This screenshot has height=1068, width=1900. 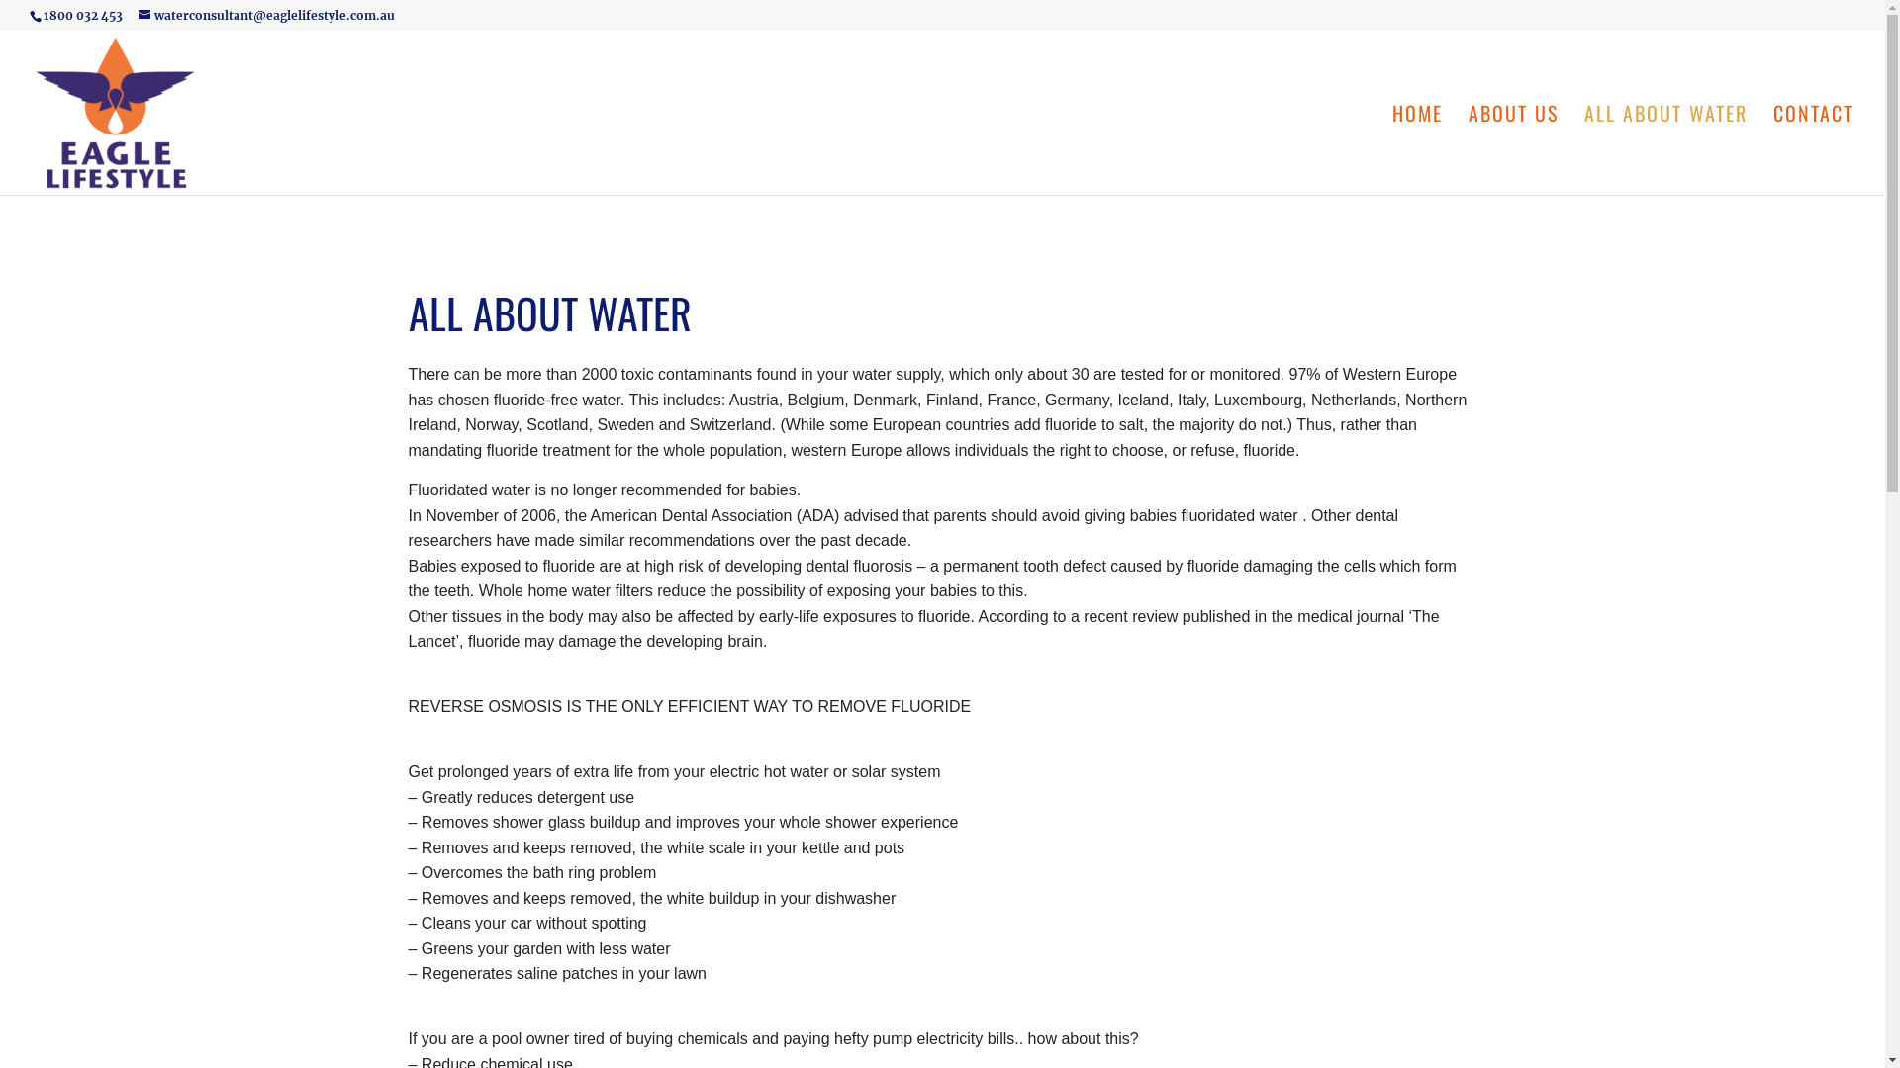 I want to click on 'ALL ABOUT WATER', so click(x=1664, y=148).